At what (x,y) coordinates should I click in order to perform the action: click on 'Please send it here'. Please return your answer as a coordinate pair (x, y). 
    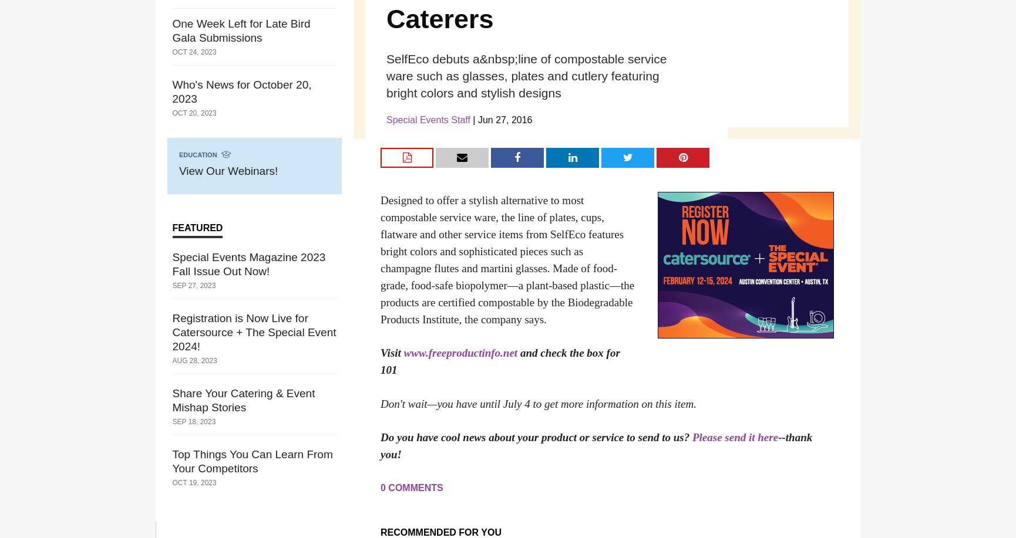
    Looking at the image, I should click on (691, 437).